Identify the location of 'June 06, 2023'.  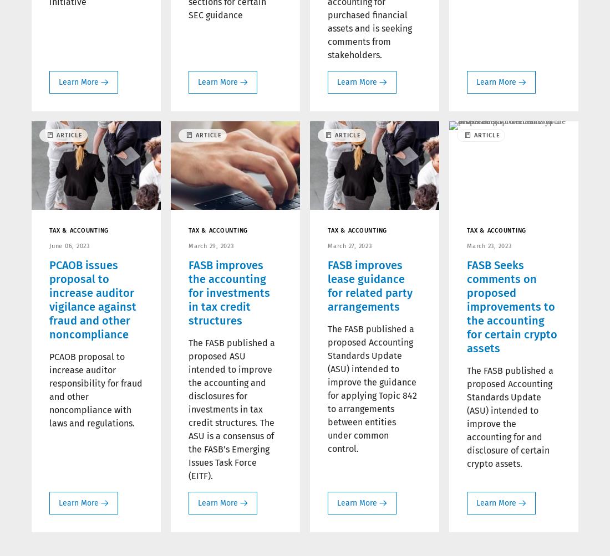
(69, 245).